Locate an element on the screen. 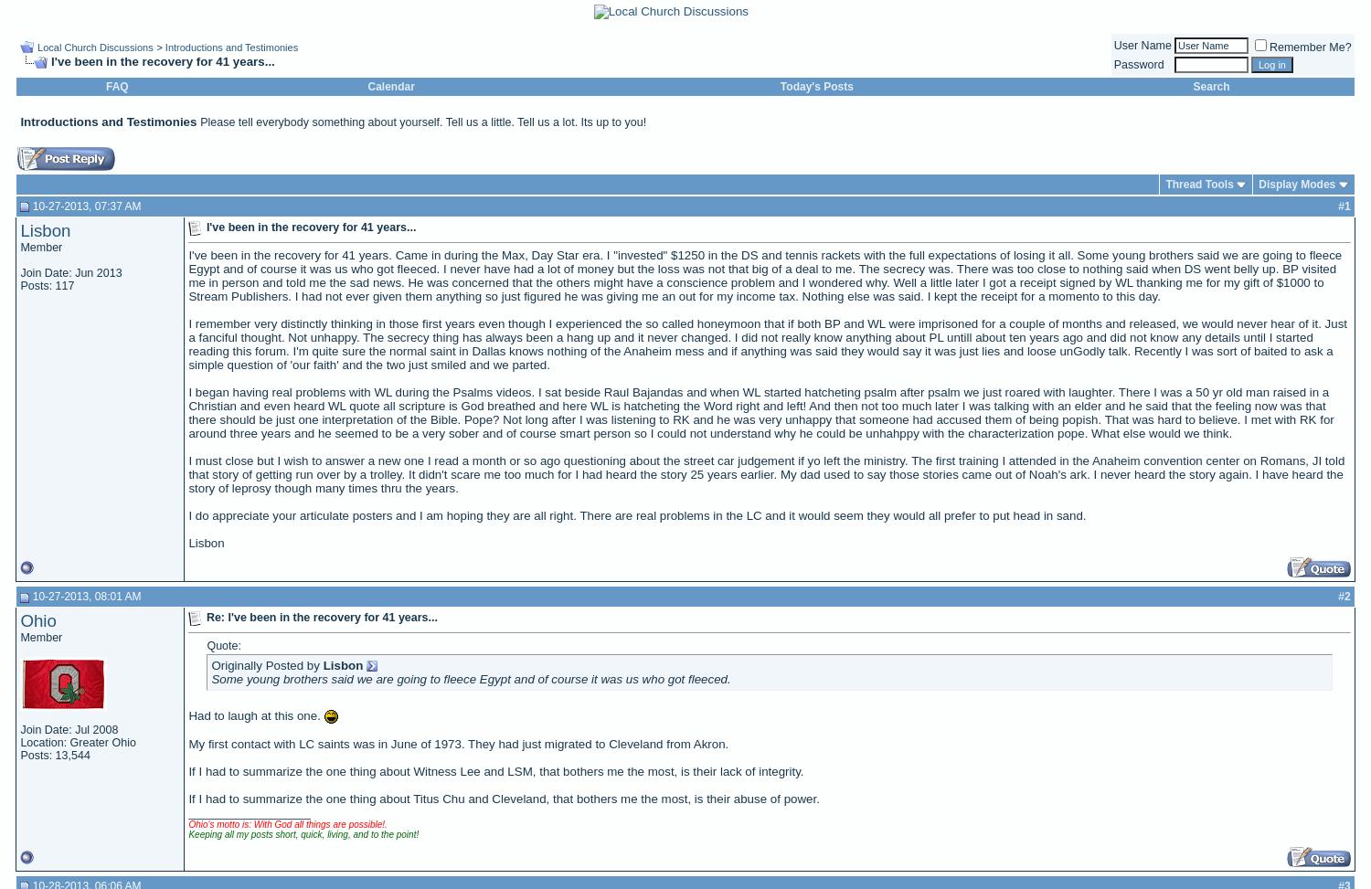 This screenshot has height=889, width=1371. 'User Name' is located at coordinates (1141, 45).